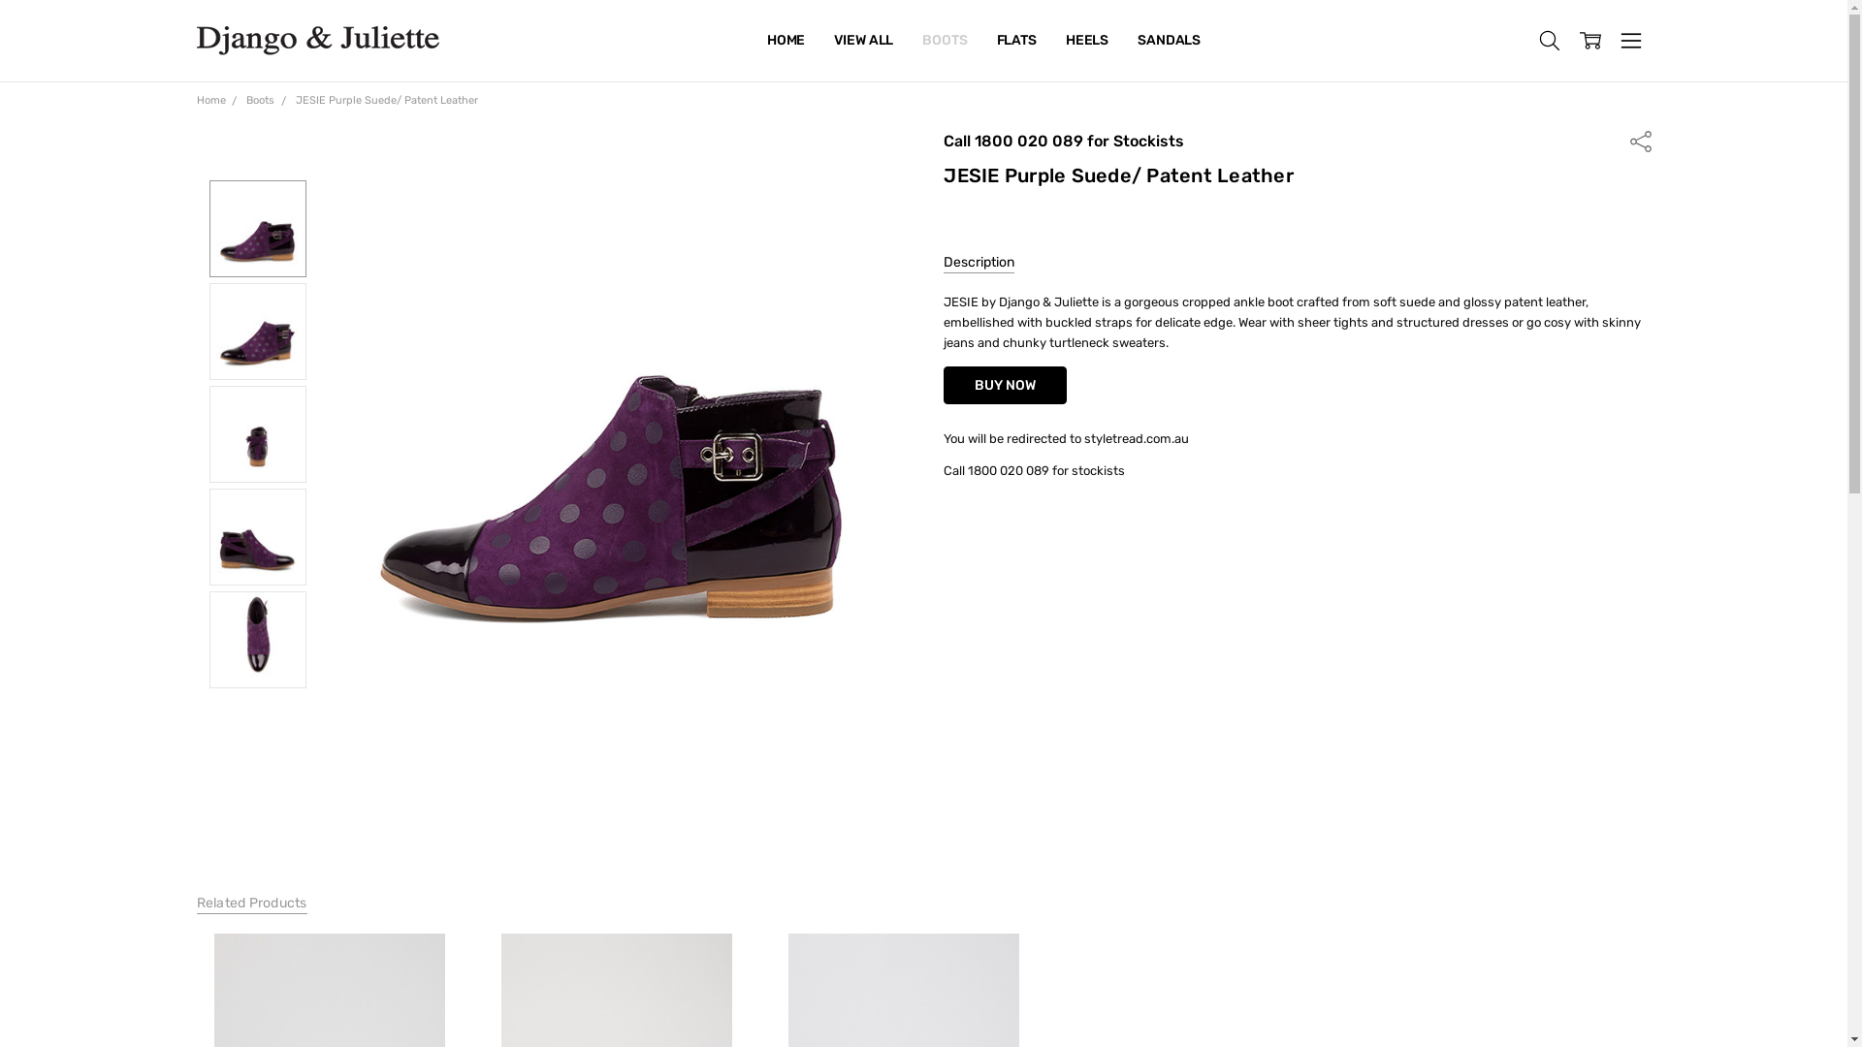  Describe the element at coordinates (834, 41) in the screenshot. I see `'BECOME A STOCKIST'` at that location.